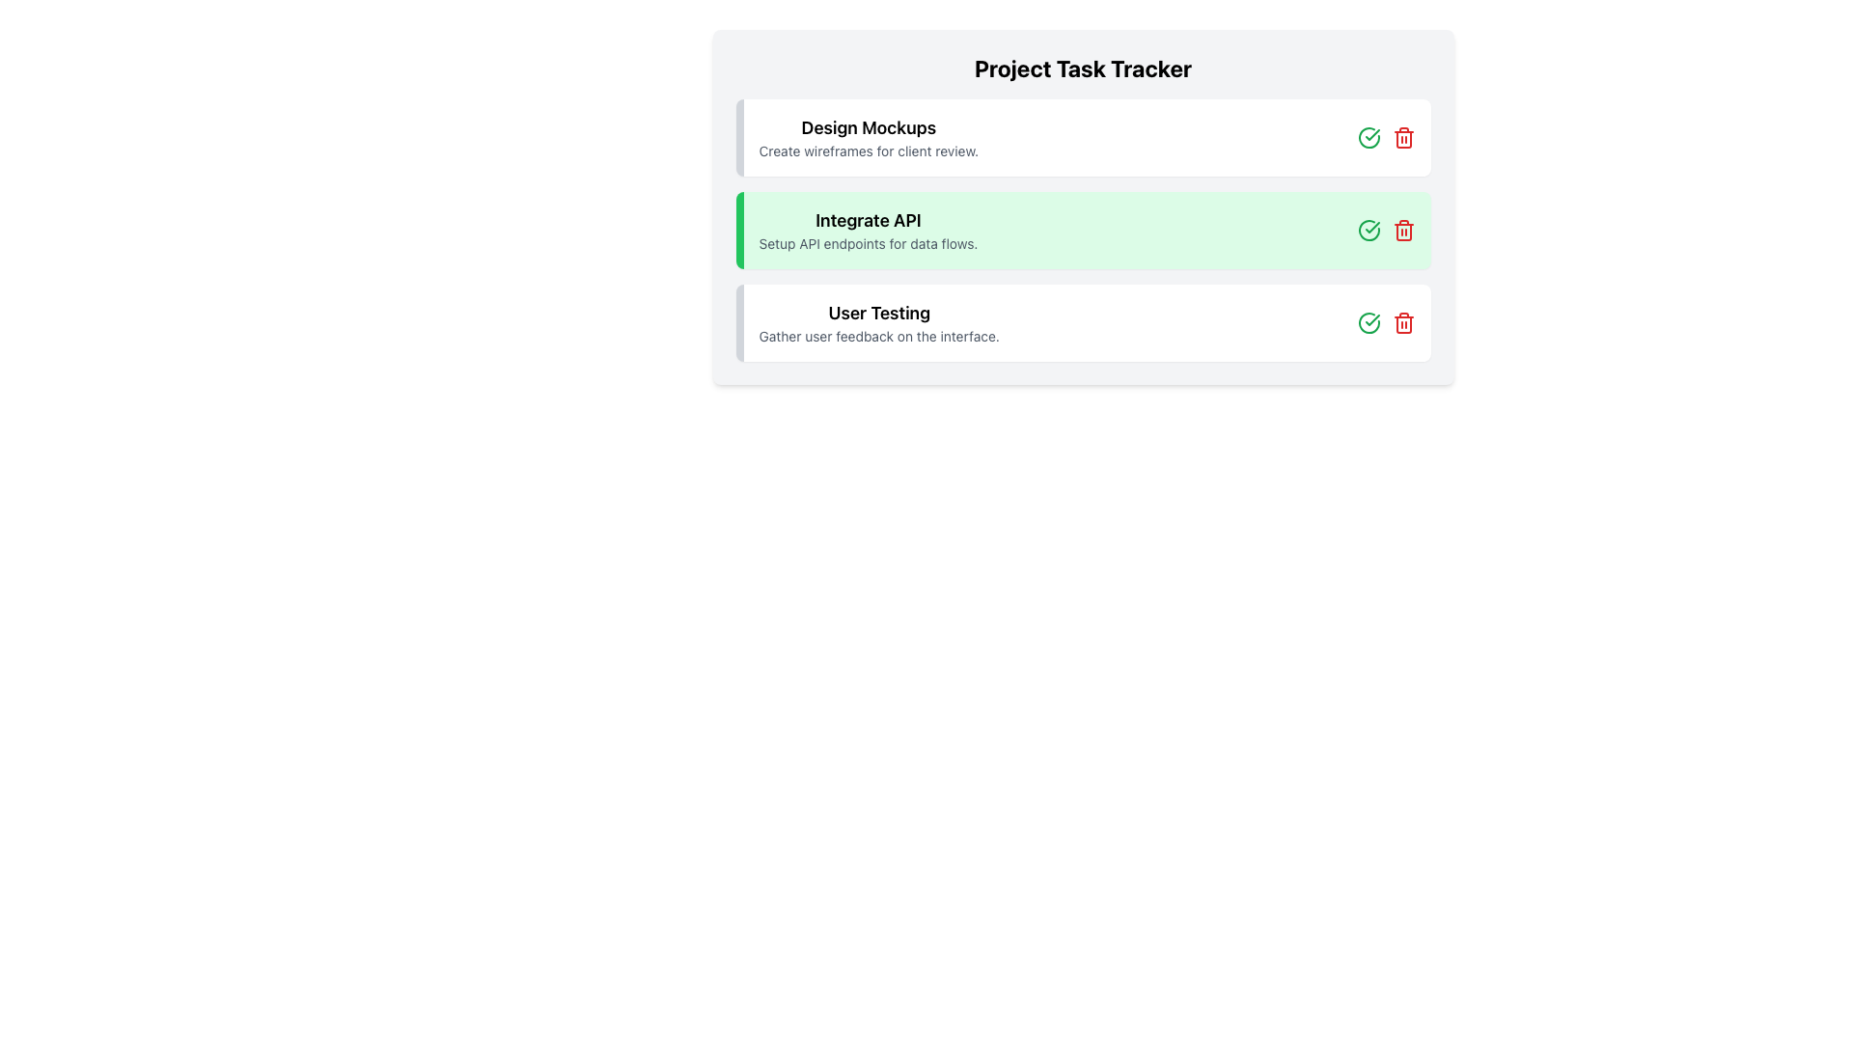 This screenshot has width=1853, height=1042. Describe the element at coordinates (867, 243) in the screenshot. I see `descriptive text regarding the task 'Integrate API' that is located beneath the heading 'Integrate API' within a green card segment` at that location.